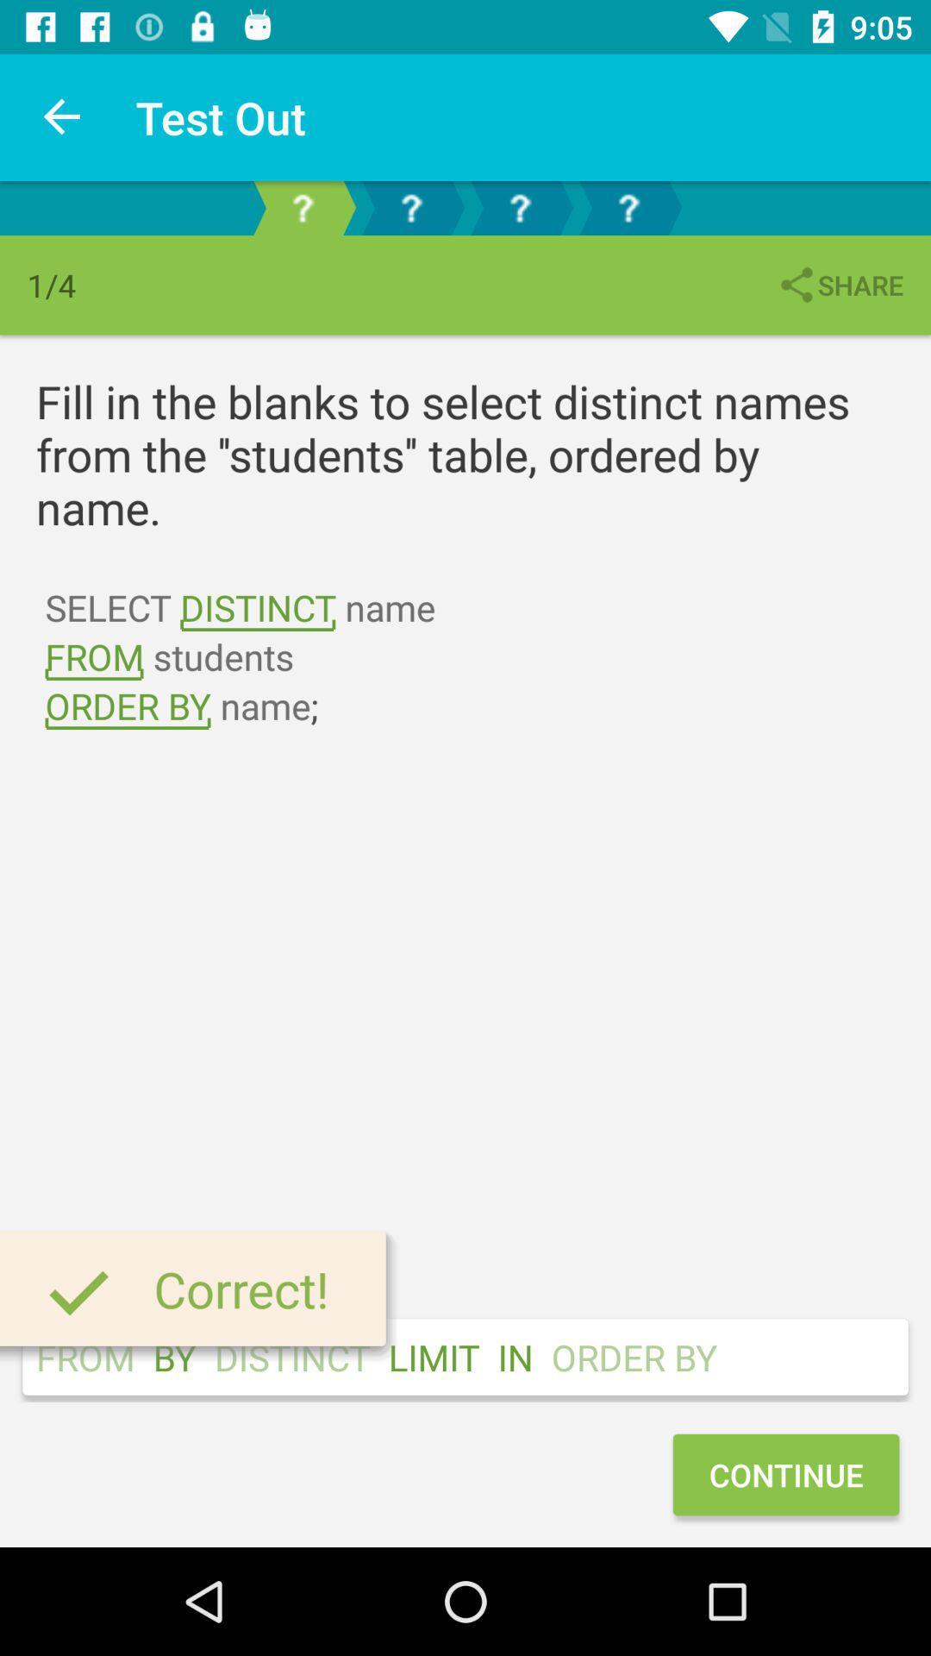 This screenshot has height=1656, width=931. What do you see at coordinates (518, 207) in the screenshot?
I see `next question` at bounding box center [518, 207].